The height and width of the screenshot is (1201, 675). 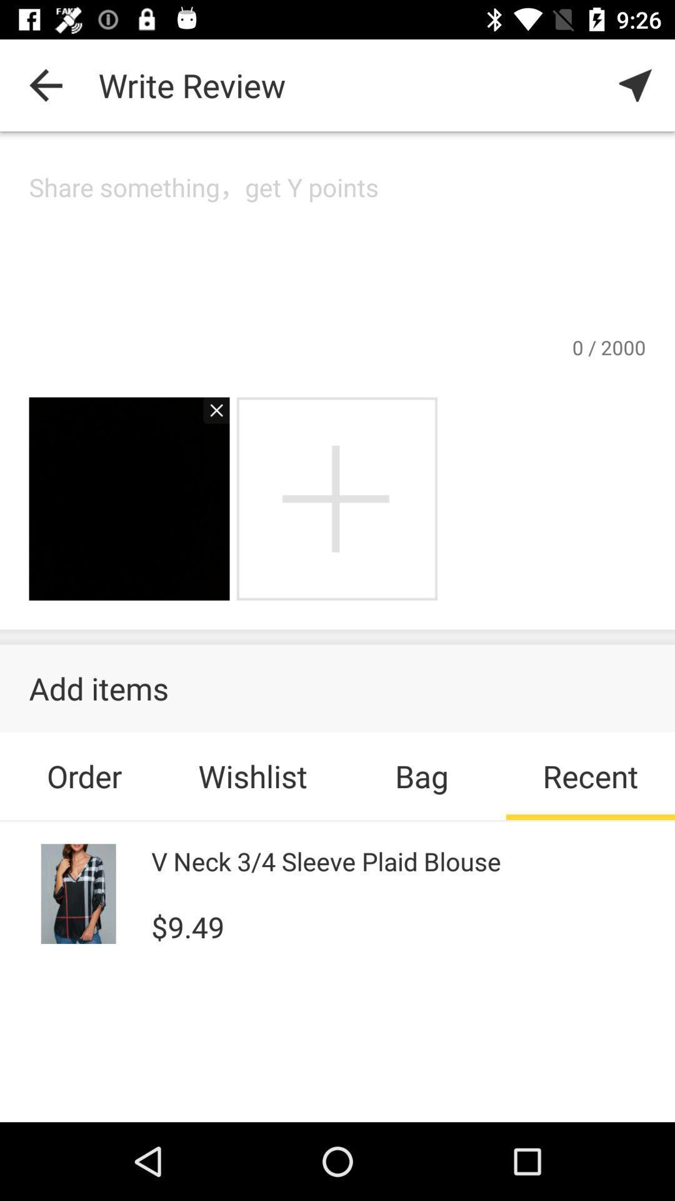 What do you see at coordinates (325, 860) in the screenshot?
I see `the v neck 3` at bounding box center [325, 860].